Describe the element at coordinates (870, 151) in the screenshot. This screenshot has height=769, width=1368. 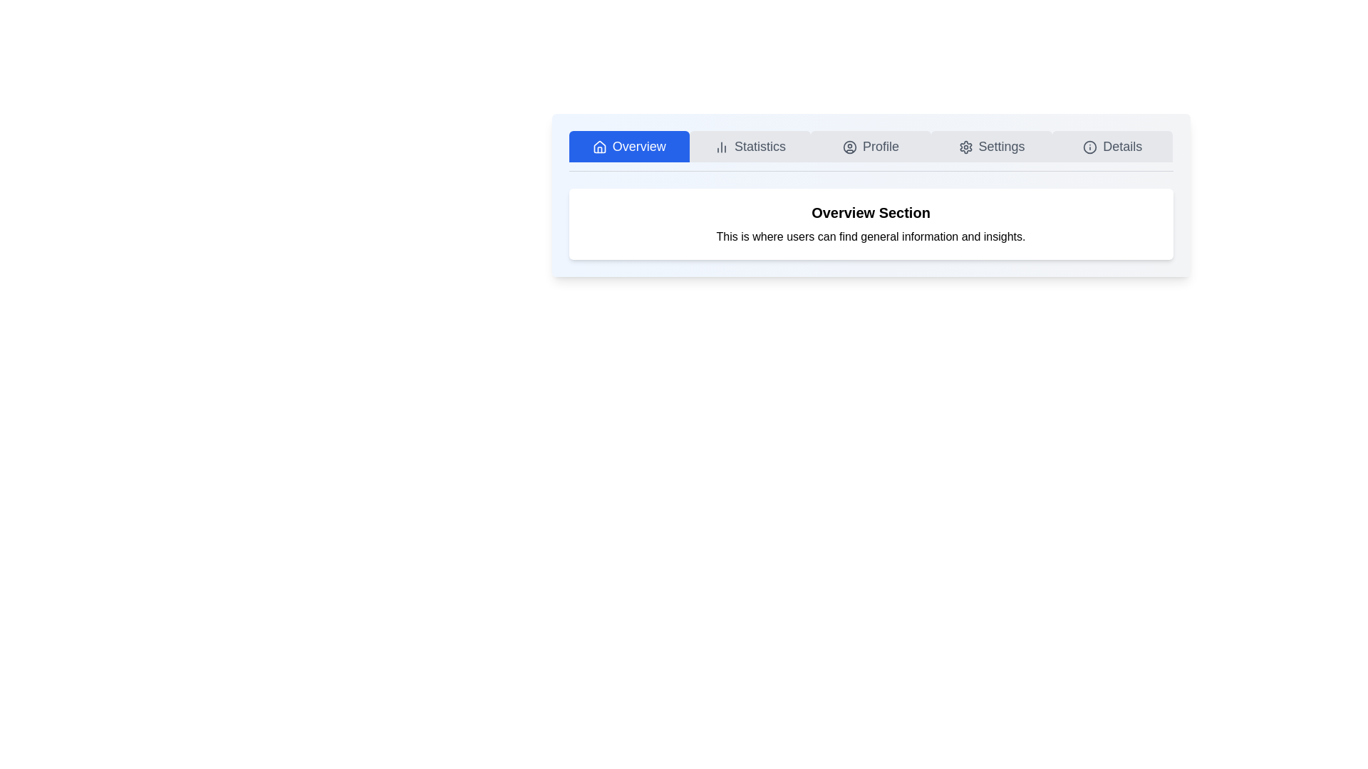
I see `the navigation tab labeled 'Profile'` at that location.